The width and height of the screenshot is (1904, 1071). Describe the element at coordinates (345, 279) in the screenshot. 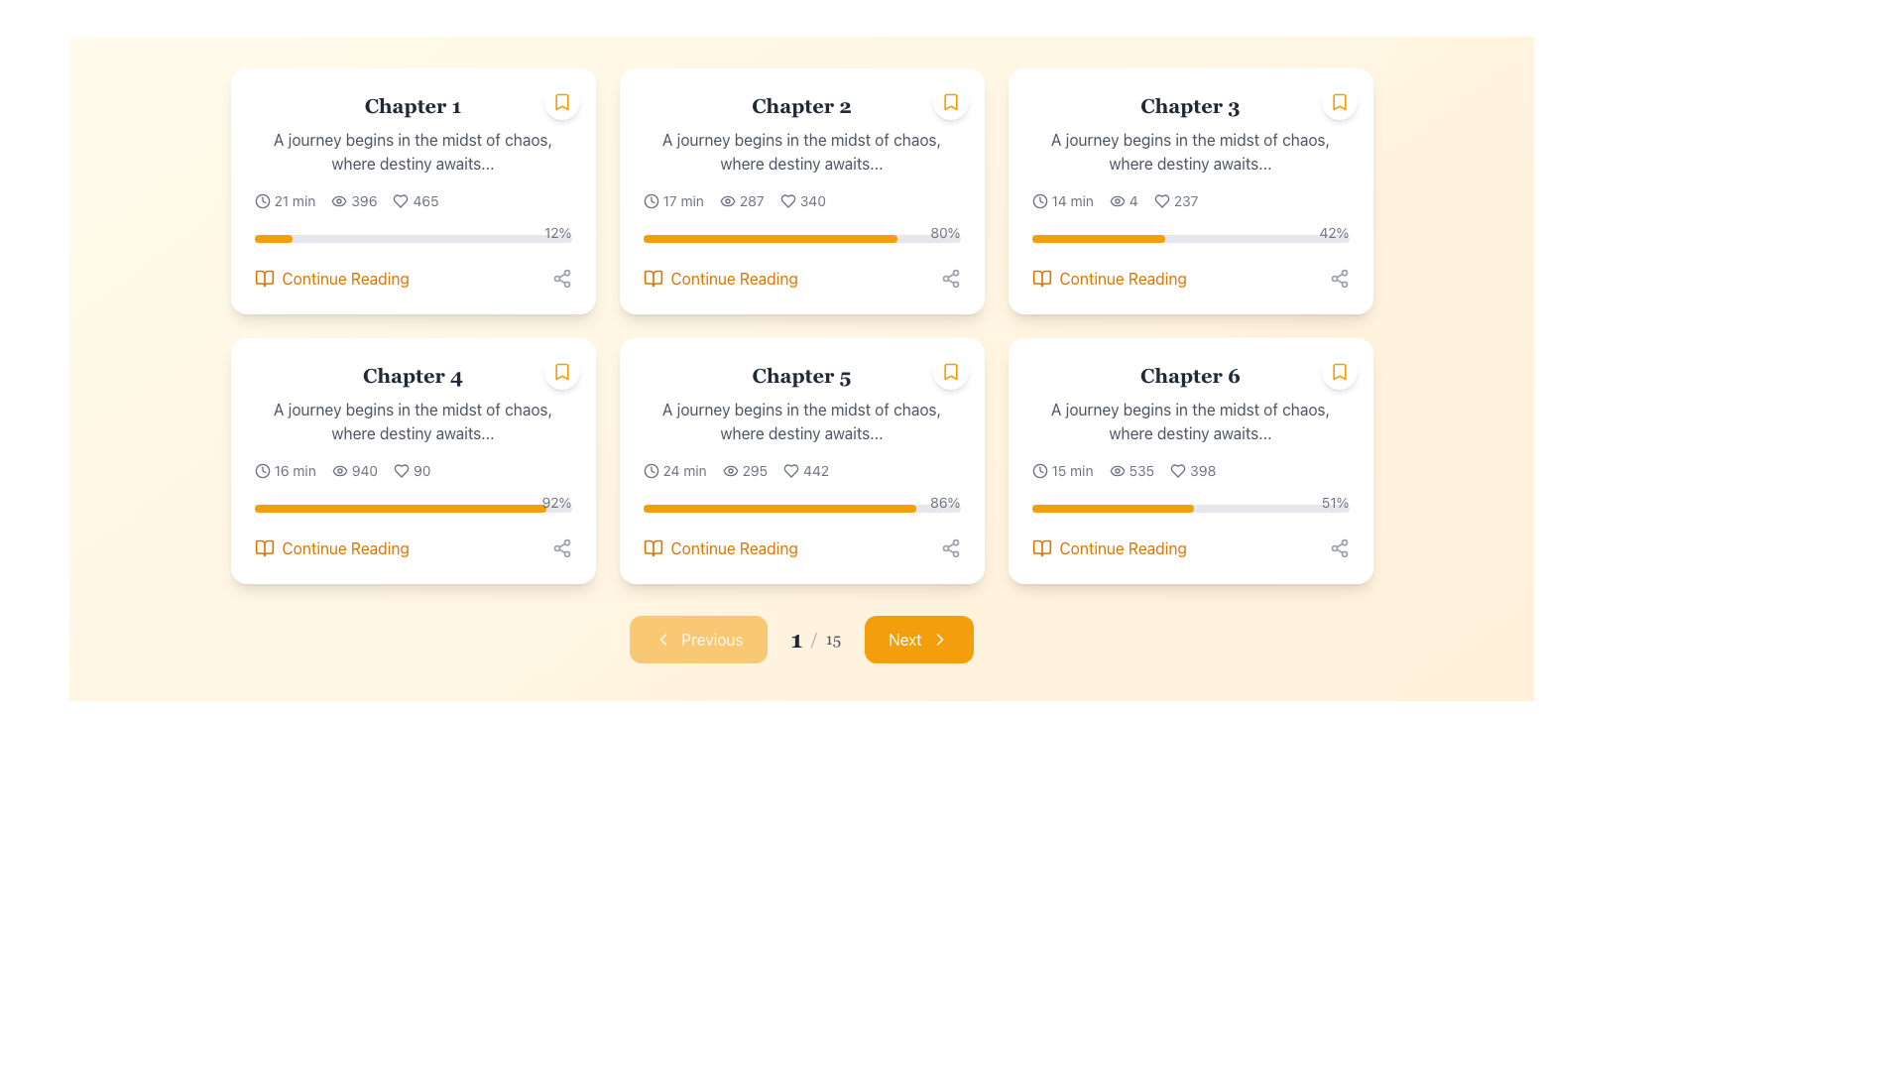

I see `the 'Continue Reading' button-like text element located at the bottom of the first card in the grid layout` at that location.